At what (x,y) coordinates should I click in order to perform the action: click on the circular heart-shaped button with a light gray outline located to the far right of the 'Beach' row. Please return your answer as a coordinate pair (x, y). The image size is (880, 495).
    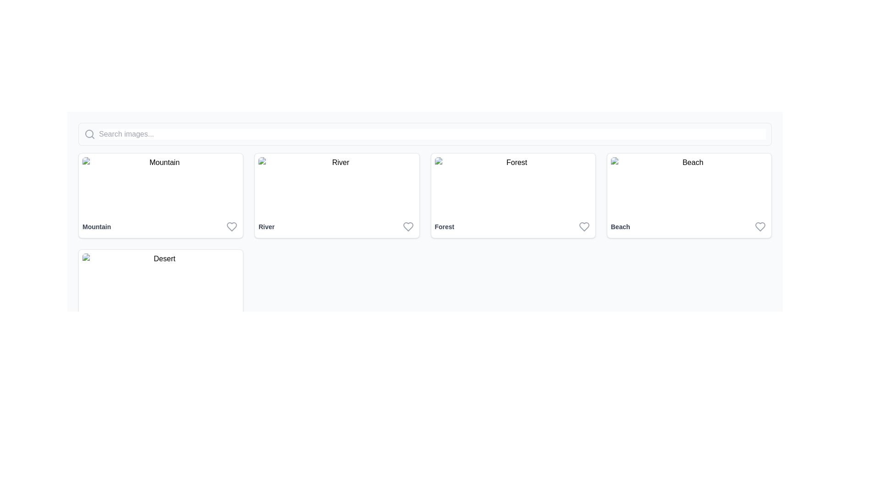
    Looking at the image, I should click on (760, 226).